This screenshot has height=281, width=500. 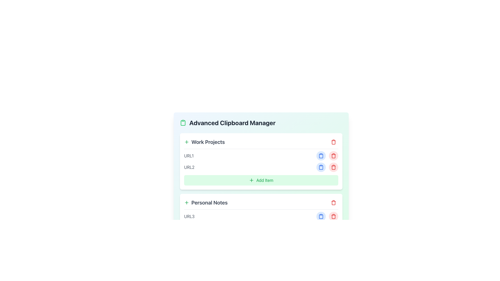 I want to click on the buttons on the gradient background panel containing 'Work Projects' and 'Personal Notes', which has rounded corners and shadow effect, so click(x=261, y=180).